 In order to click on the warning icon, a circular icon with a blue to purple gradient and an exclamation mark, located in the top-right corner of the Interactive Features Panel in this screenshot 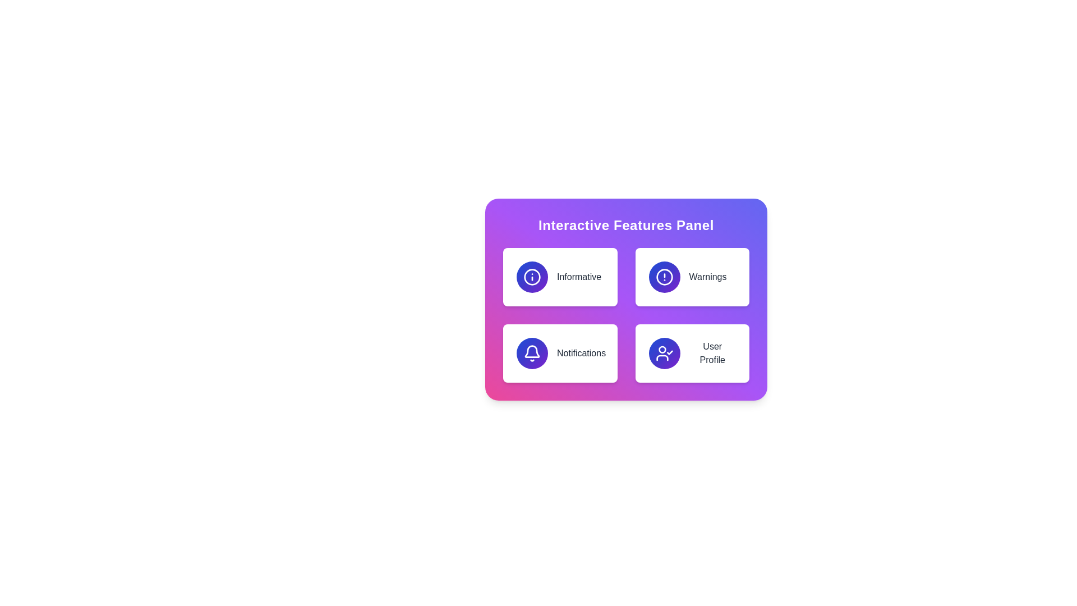, I will do `click(664, 277)`.